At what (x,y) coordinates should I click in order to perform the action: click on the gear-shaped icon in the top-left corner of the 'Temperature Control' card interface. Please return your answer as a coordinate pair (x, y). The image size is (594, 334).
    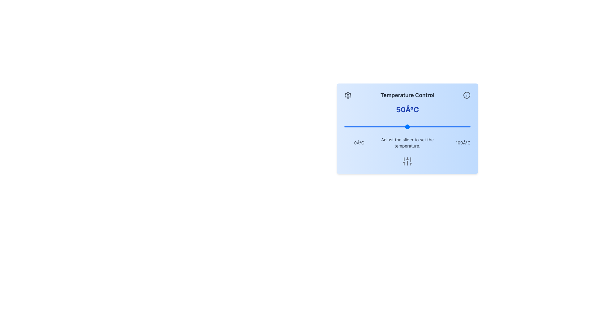
    Looking at the image, I should click on (348, 95).